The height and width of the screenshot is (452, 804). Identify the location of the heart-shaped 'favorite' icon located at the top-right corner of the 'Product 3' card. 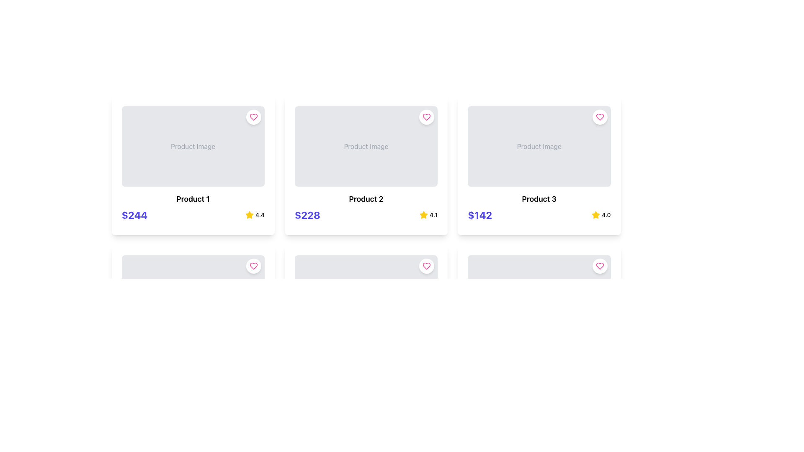
(599, 117).